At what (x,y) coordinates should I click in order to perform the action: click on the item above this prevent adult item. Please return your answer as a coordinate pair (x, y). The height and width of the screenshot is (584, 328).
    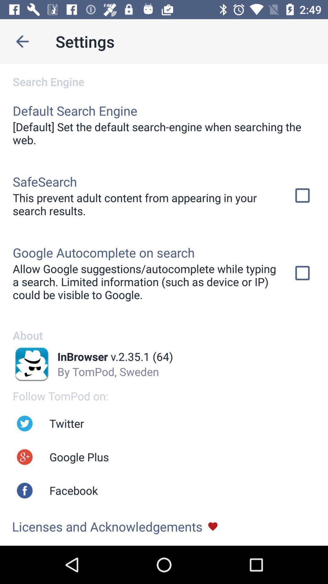
    Looking at the image, I should click on (44, 181).